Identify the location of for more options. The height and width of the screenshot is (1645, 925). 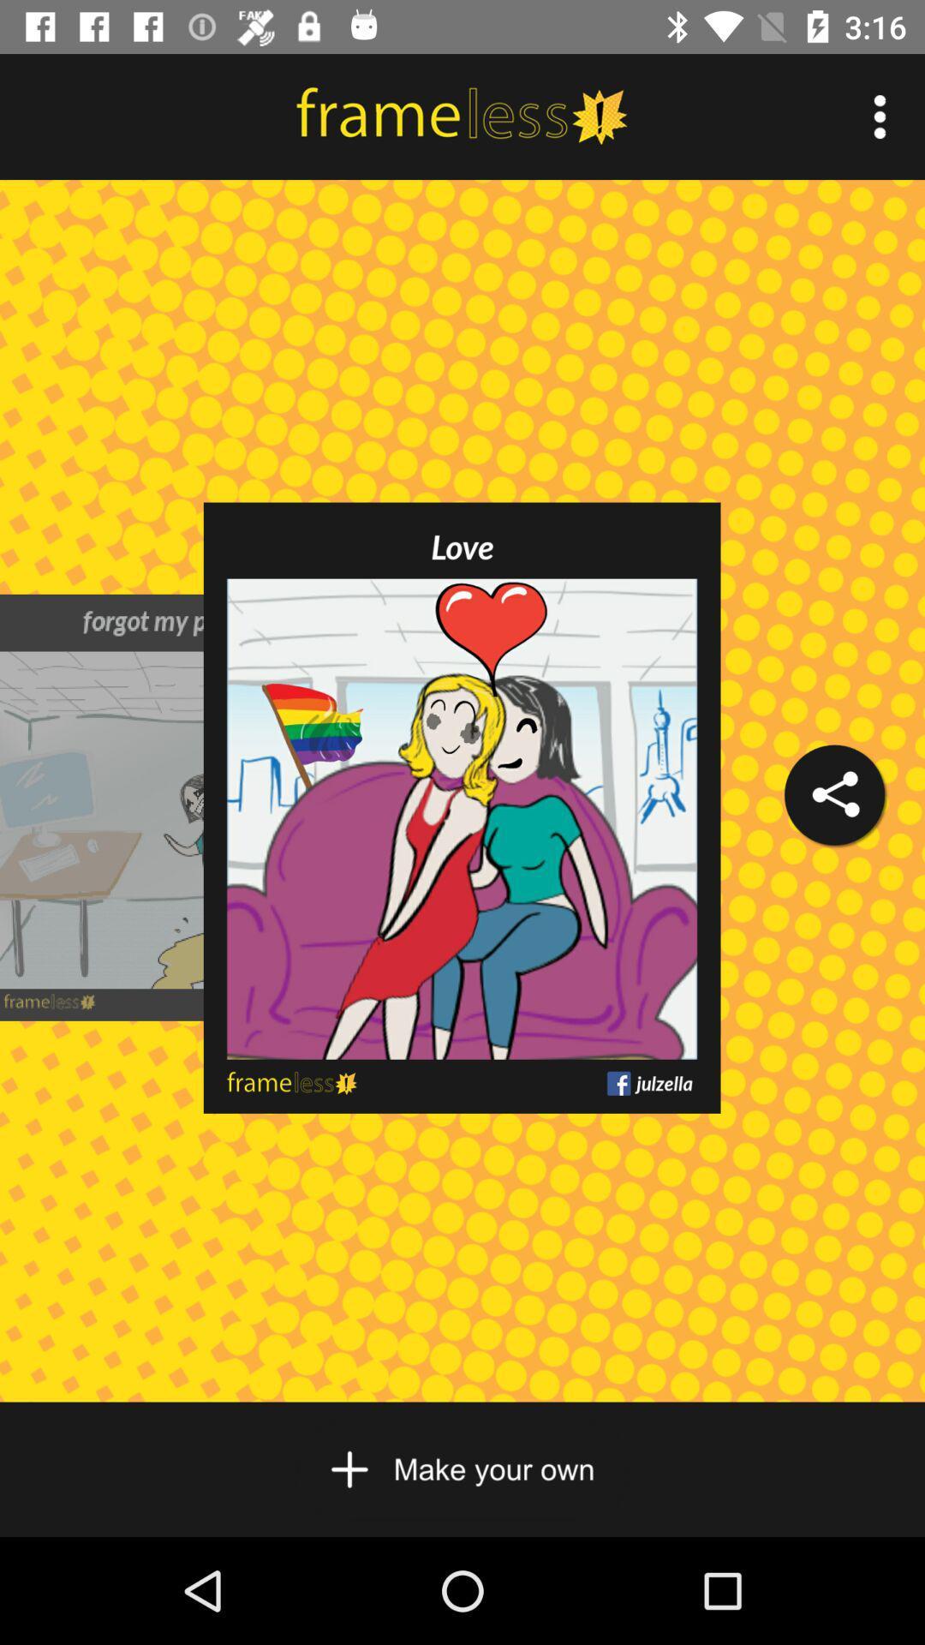
(880, 116).